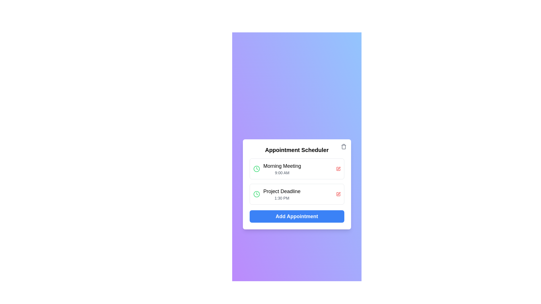  What do you see at coordinates (296, 149) in the screenshot?
I see `text header displaying 'Appointment Scheduler' to understand the section context` at bounding box center [296, 149].